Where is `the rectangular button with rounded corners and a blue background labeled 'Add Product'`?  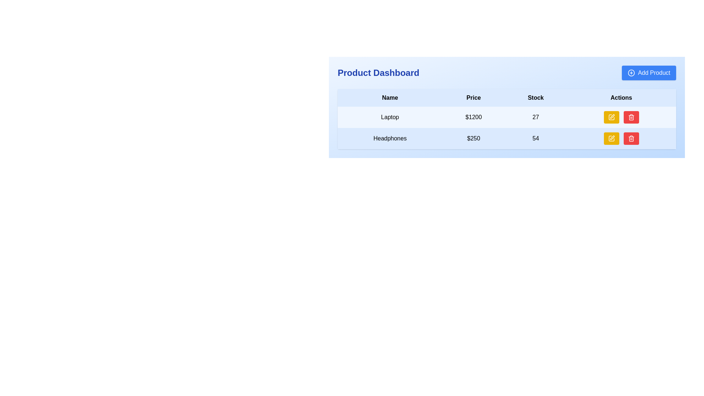 the rectangular button with rounded corners and a blue background labeled 'Add Product' is located at coordinates (649, 73).